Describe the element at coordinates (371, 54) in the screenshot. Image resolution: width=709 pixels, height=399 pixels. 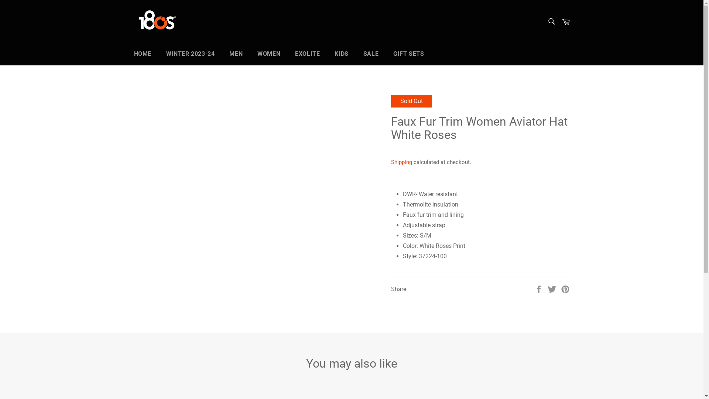
I see `'SALE'` at that location.